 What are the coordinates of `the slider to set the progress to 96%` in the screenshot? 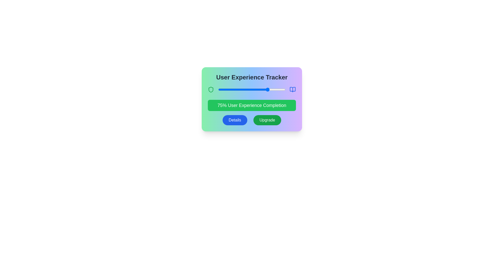 It's located at (282, 89).